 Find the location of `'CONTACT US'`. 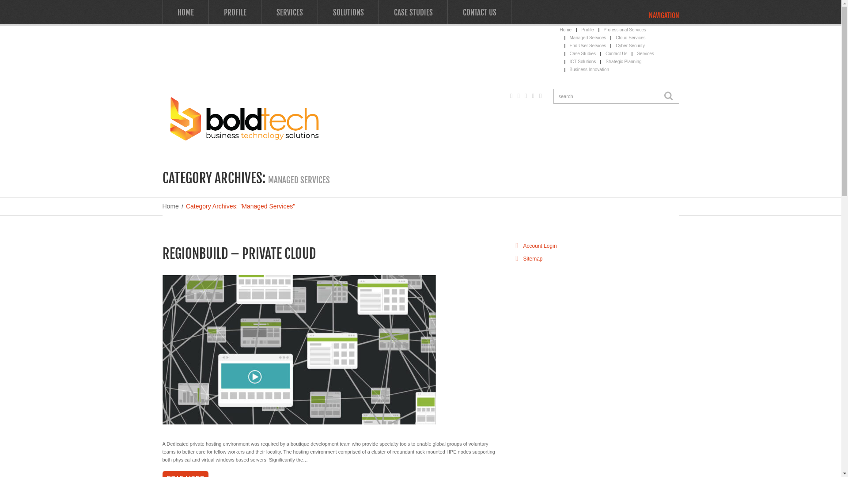

'CONTACT US' is located at coordinates (479, 12).